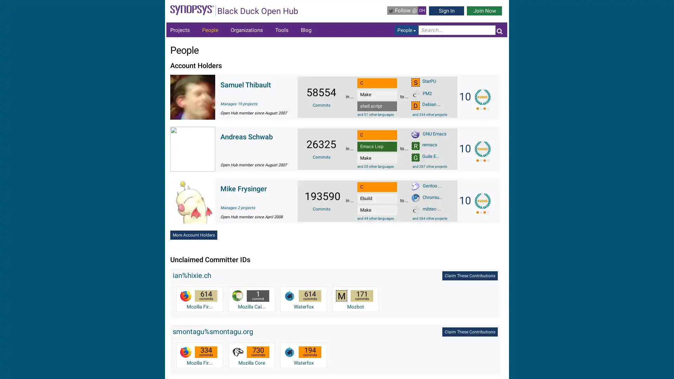  I want to click on Claim These Contributions, so click(470, 332).